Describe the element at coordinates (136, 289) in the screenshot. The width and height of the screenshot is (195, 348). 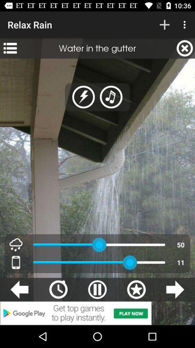
I see `the star icon` at that location.